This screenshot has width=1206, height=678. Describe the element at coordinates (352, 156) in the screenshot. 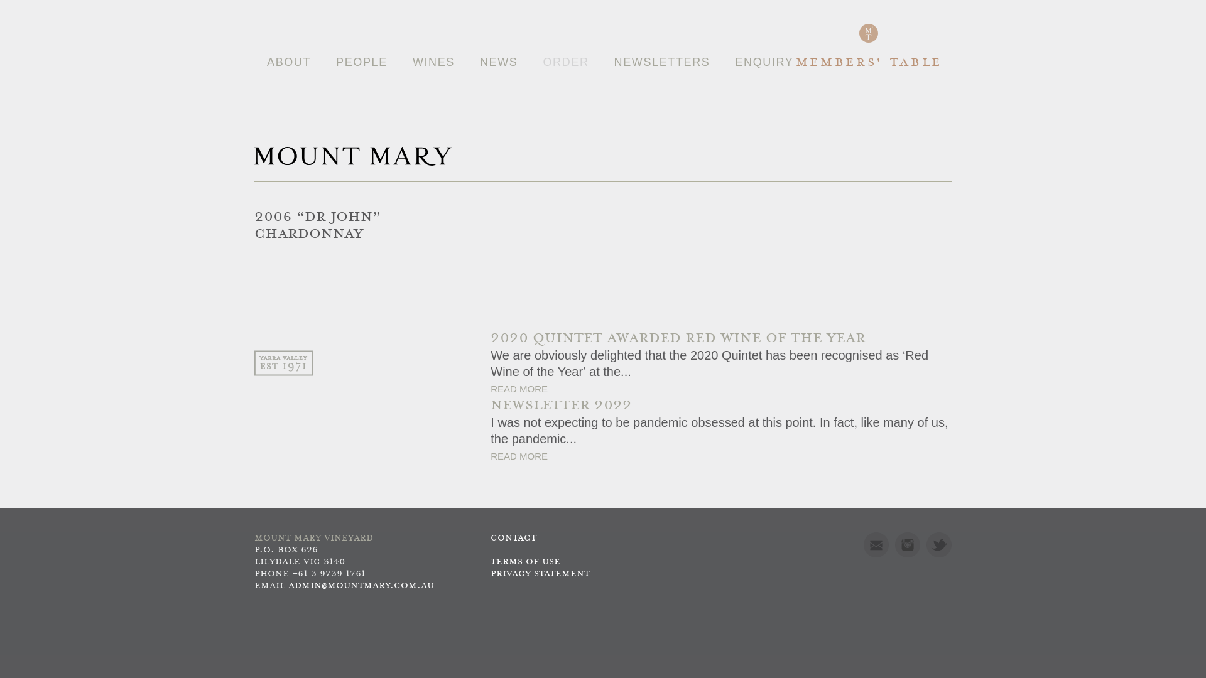

I see `'MOUNT MARY'` at that location.